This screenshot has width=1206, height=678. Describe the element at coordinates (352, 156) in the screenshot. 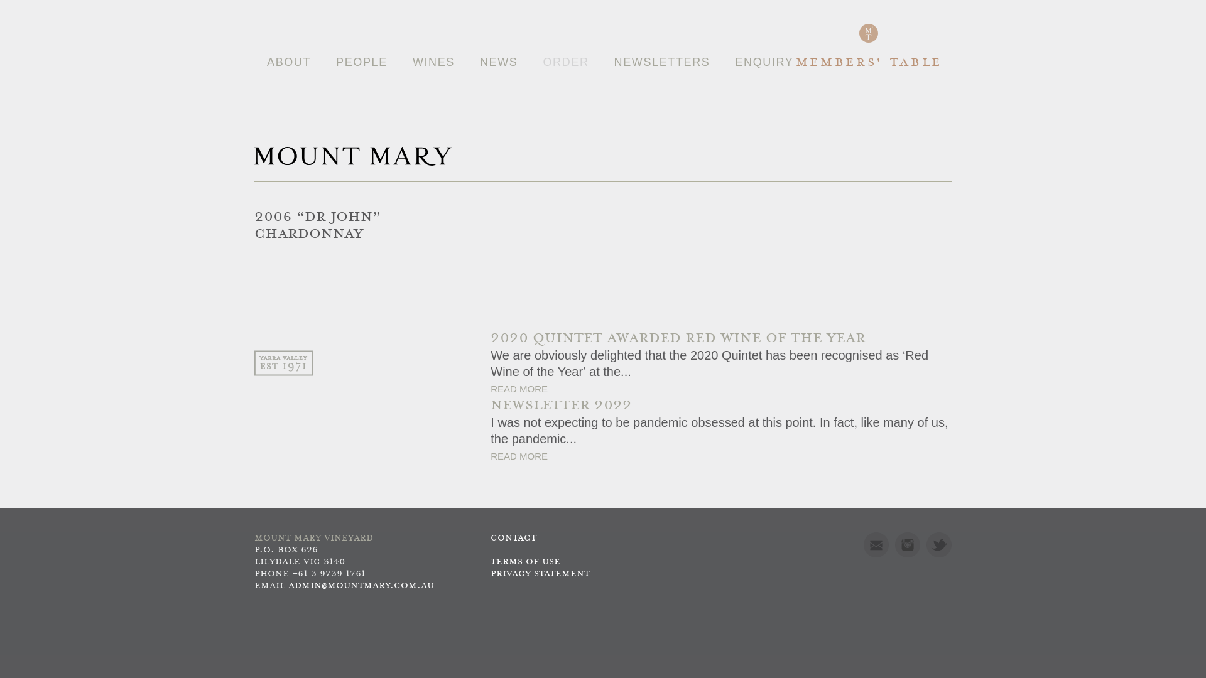

I see `'MOUNT MARY'` at that location.